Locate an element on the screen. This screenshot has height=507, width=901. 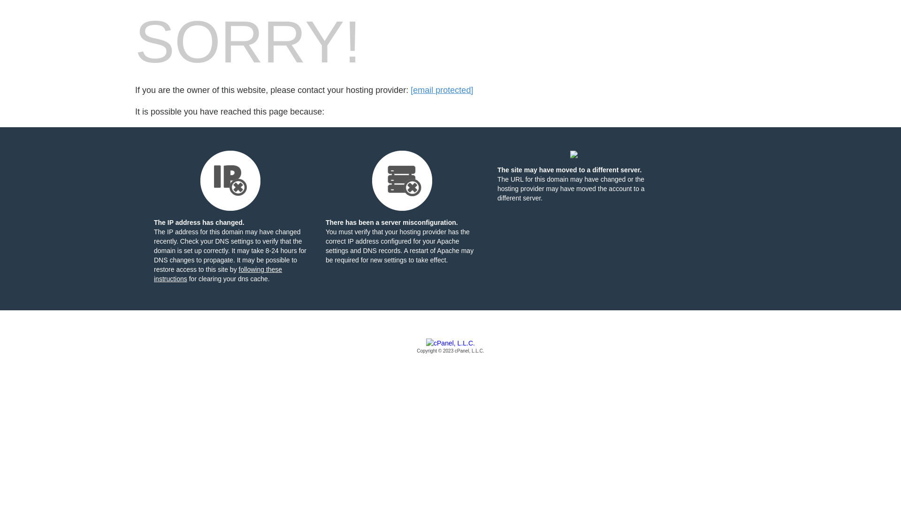
'[email protected]' is located at coordinates (441, 90).